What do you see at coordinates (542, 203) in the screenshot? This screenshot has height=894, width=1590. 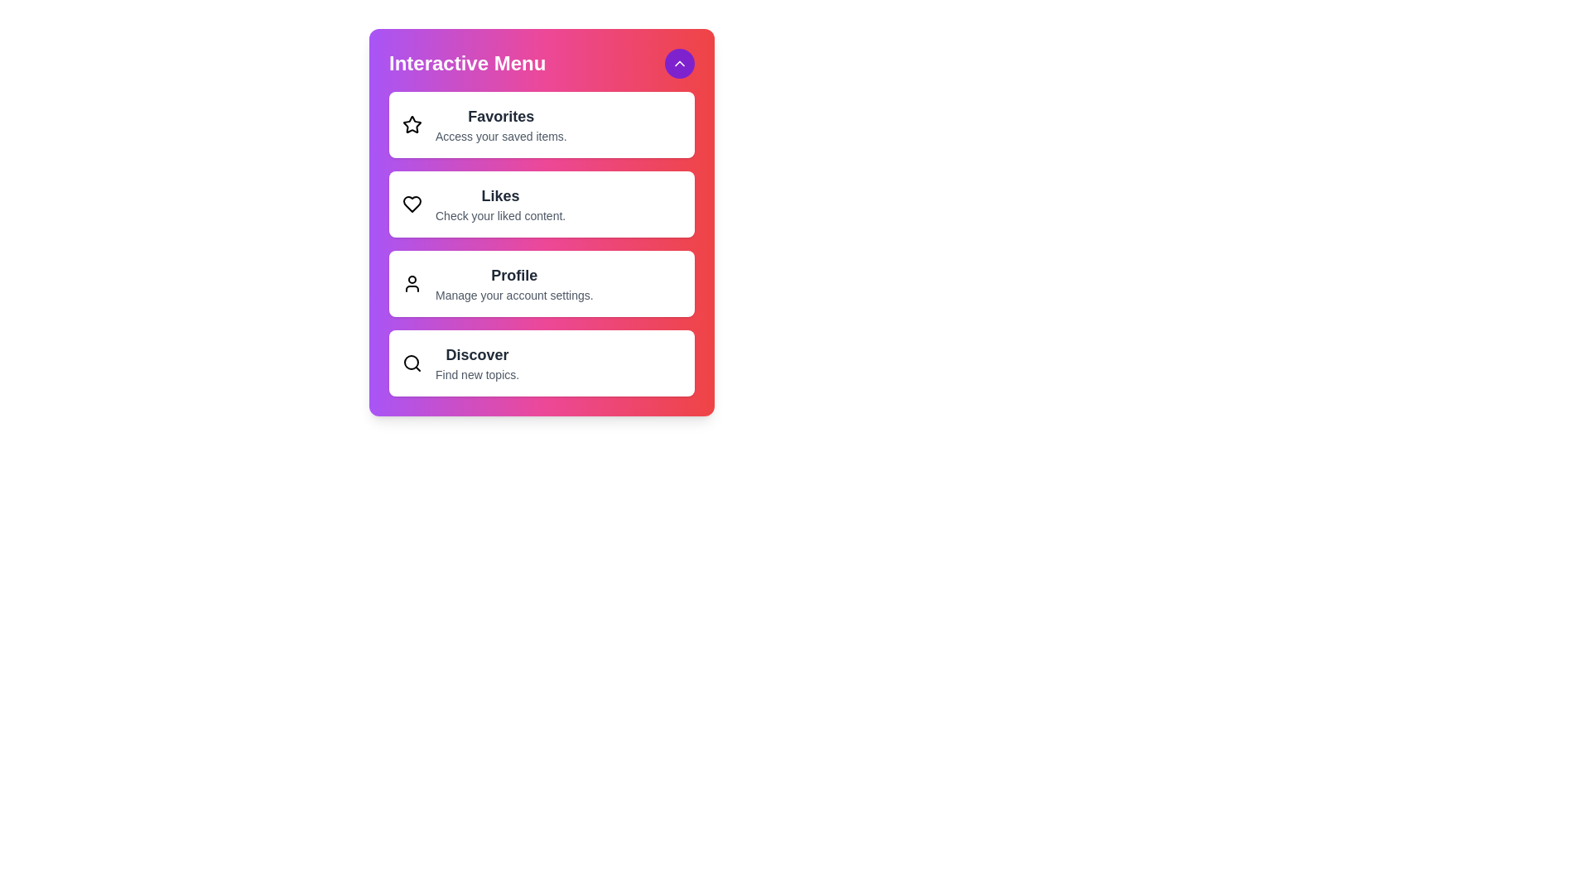 I see `the menu item Likes from the interactive menu` at bounding box center [542, 203].